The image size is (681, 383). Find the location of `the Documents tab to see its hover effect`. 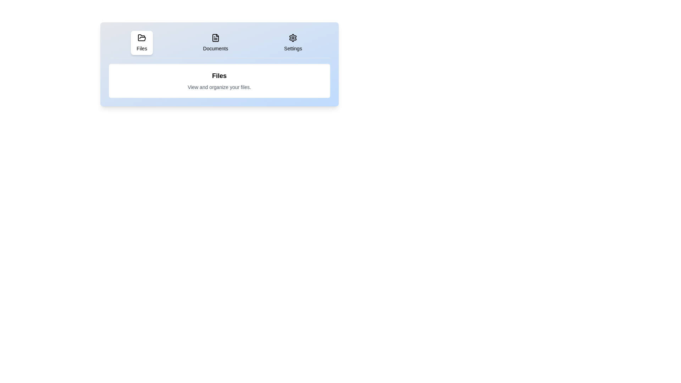

the Documents tab to see its hover effect is located at coordinates (215, 43).